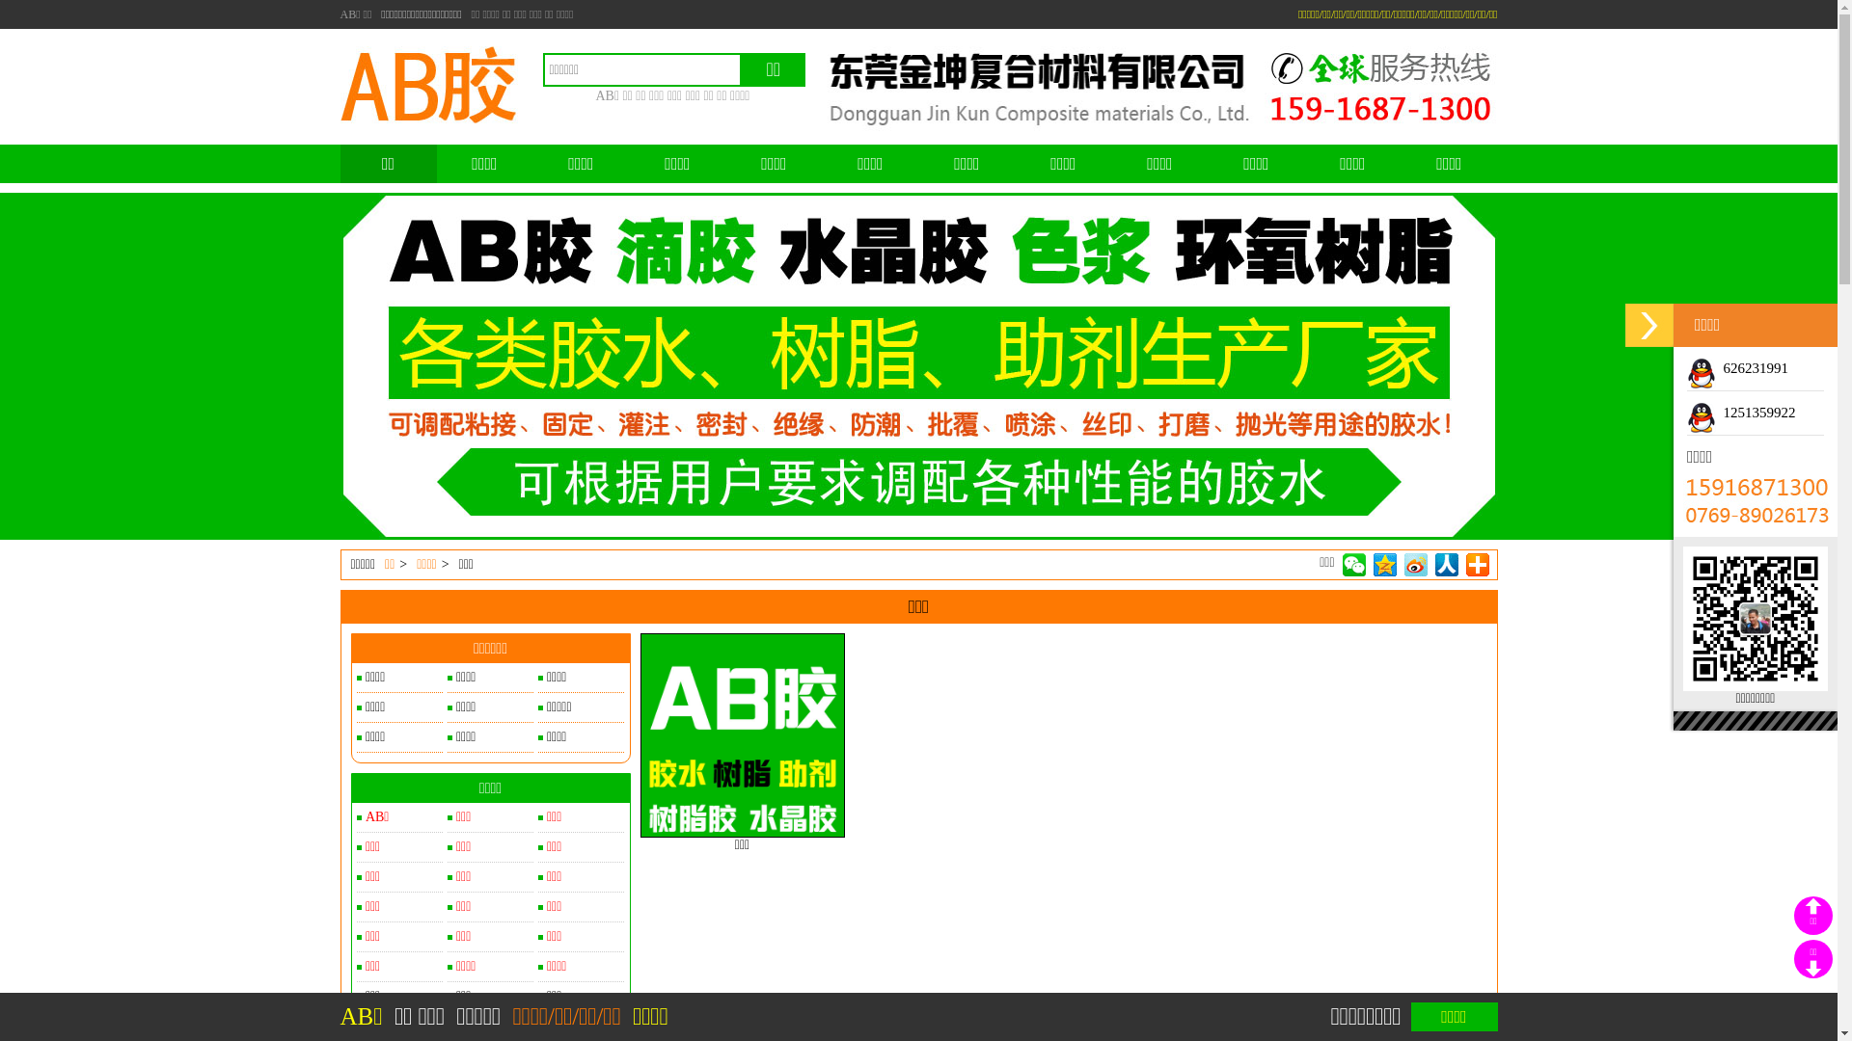  I want to click on '  1251359922', so click(1685, 412).